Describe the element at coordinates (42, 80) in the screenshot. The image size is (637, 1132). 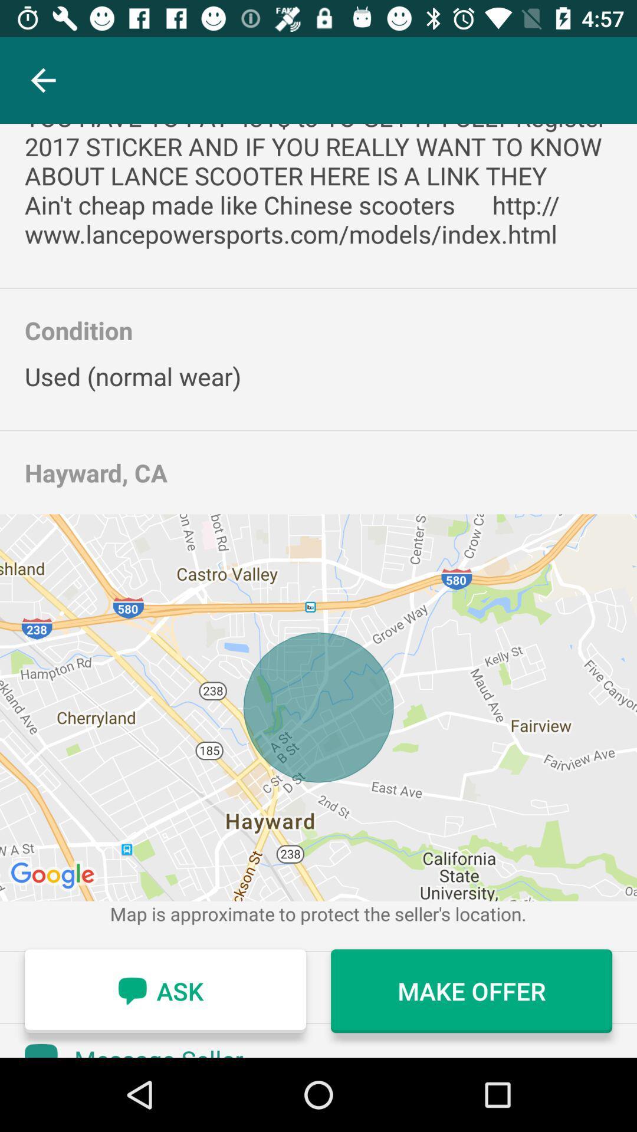
I see `the icon above the i have a icon` at that location.